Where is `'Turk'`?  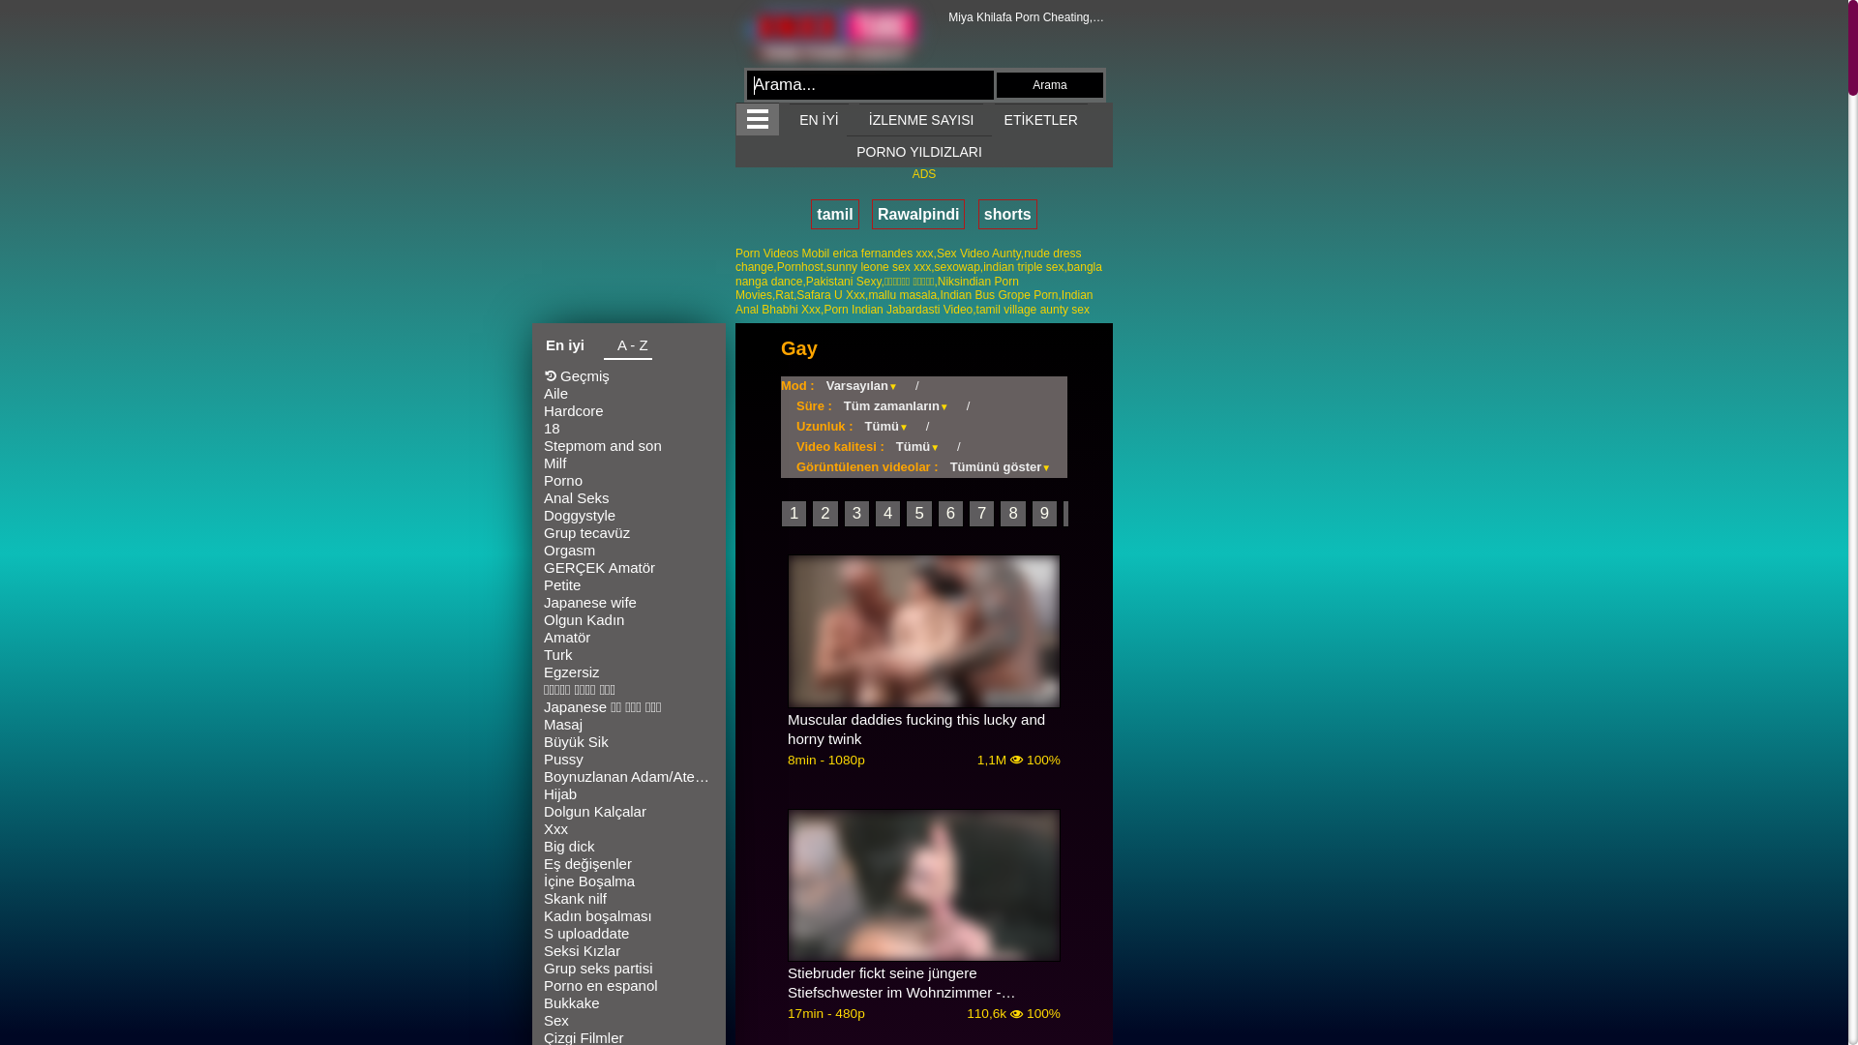
'Turk' is located at coordinates (542, 654).